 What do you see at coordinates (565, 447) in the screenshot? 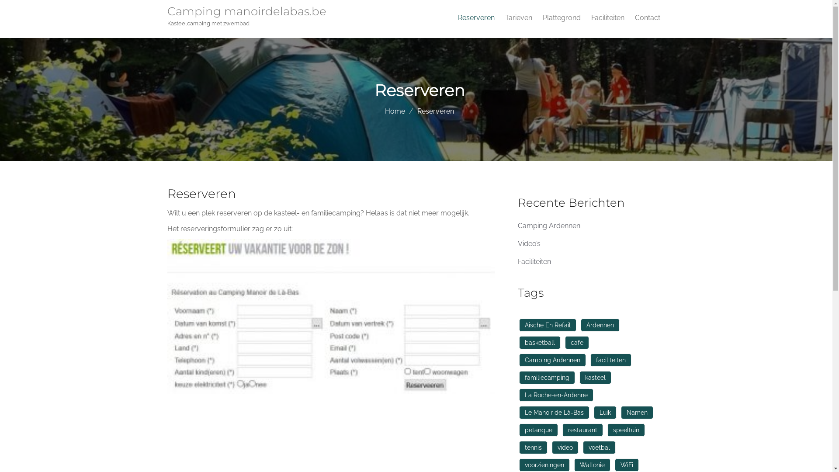
I see `'video'` at bounding box center [565, 447].